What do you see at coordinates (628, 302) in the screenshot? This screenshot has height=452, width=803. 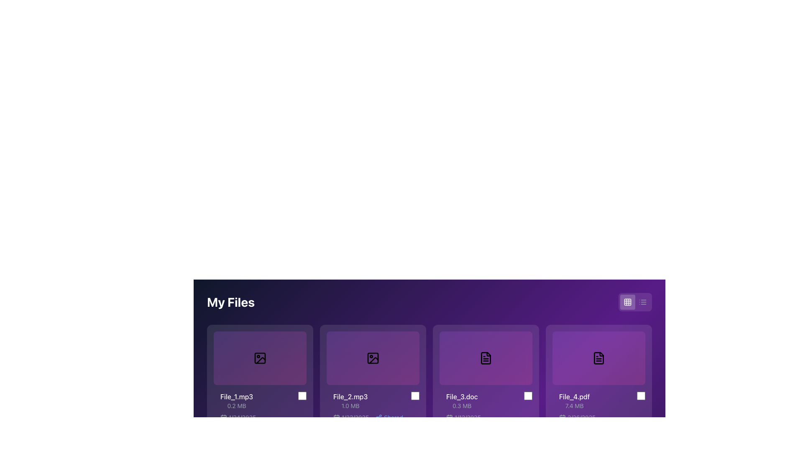 I see `the grid layout toggle button located at the far right side of the navigation bar` at bounding box center [628, 302].